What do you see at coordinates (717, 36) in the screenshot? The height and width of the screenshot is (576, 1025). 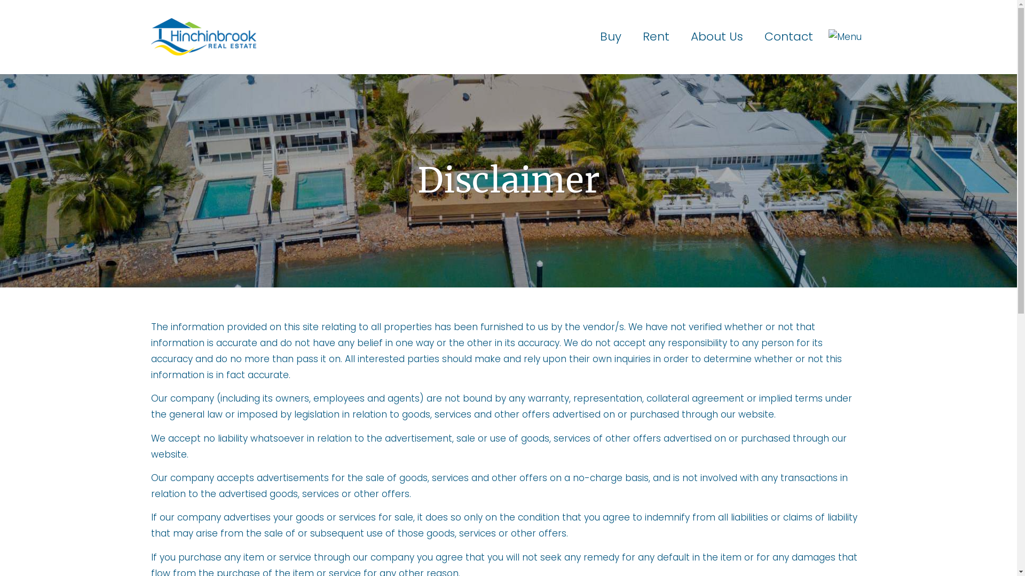 I see `'About Us'` at bounding box center [717, 36].